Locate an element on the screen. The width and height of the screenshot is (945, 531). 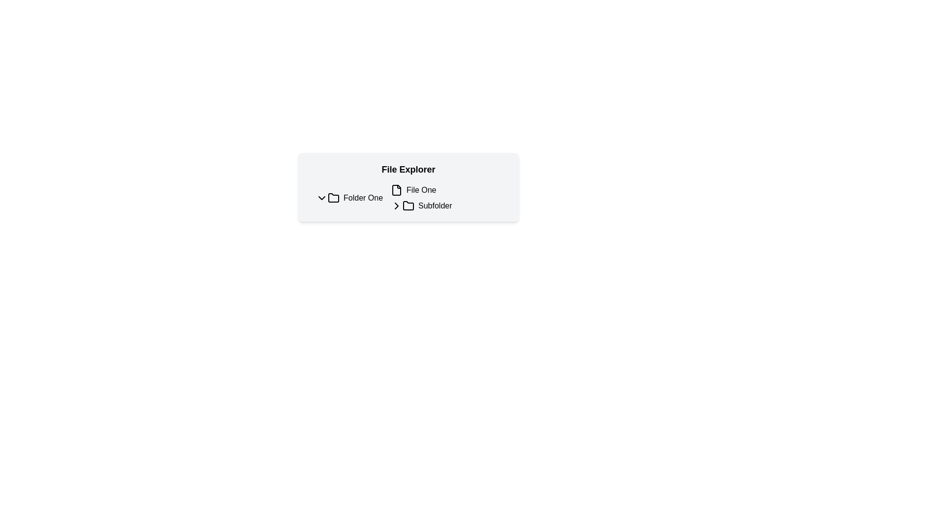
the small folder-shaped icon representing a directory under the label 'Subfolder' in the file explorer UI is located at coordinates (409, 205).